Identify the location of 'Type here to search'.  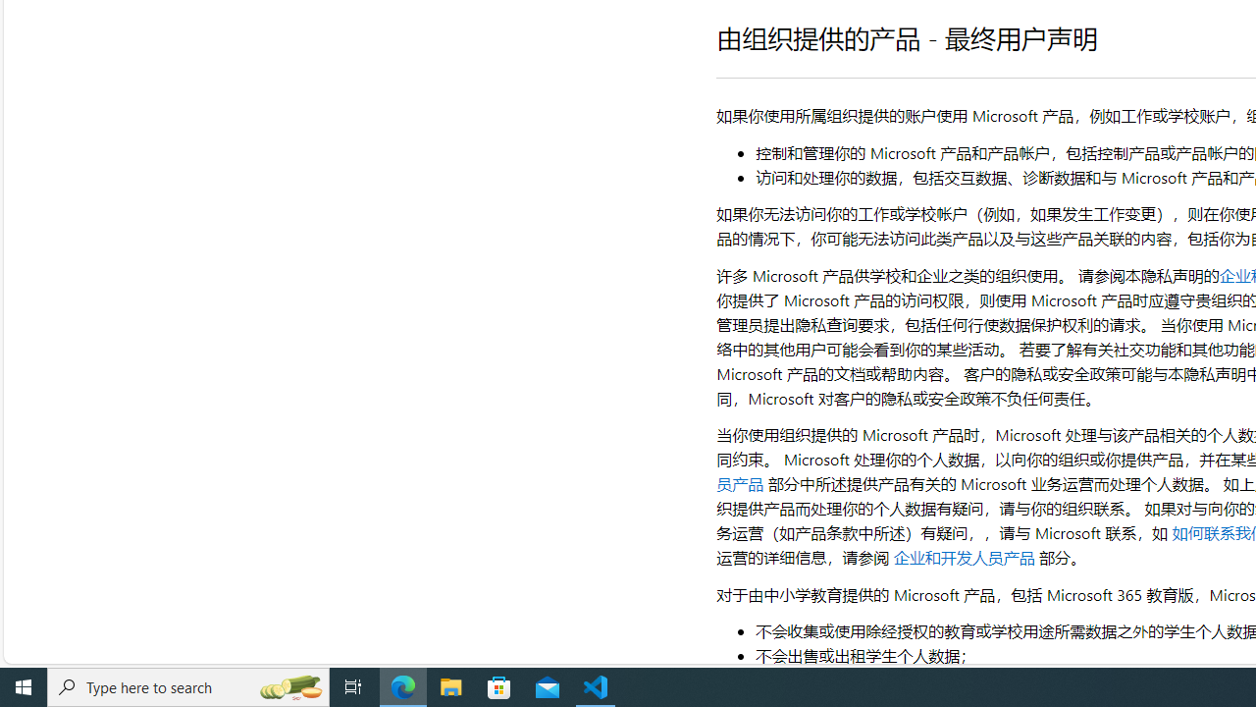
(188, 685).